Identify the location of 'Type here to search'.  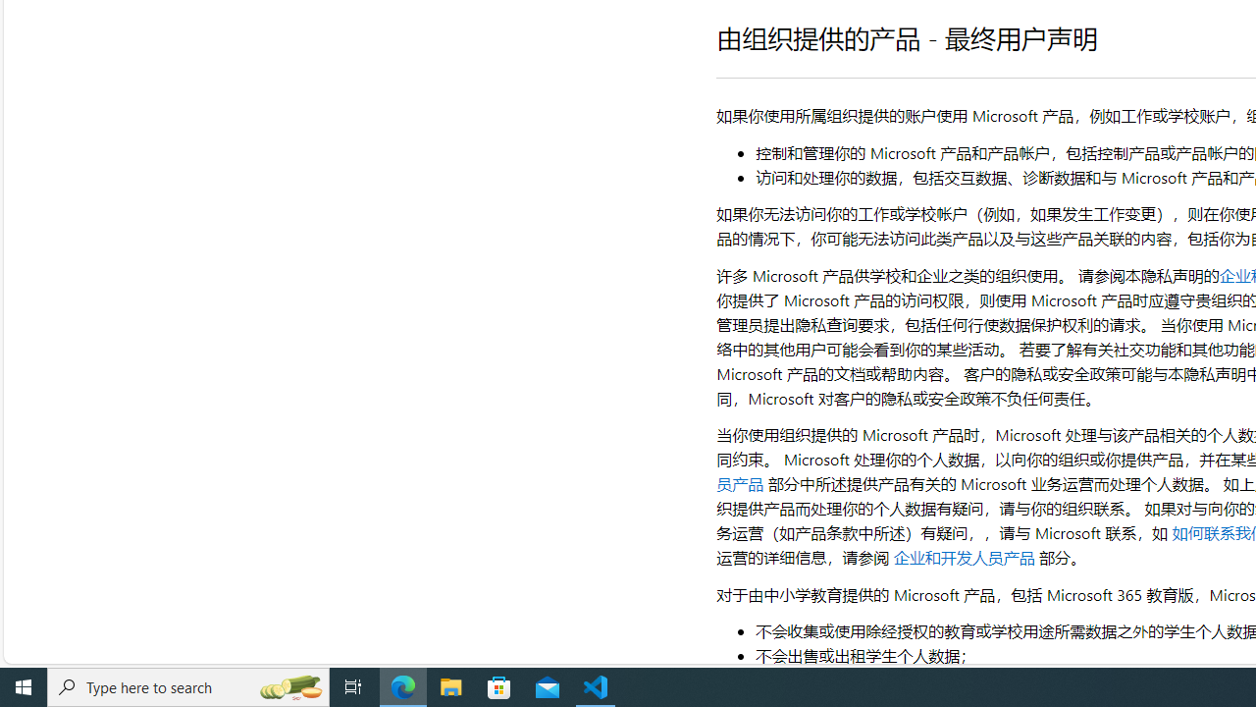
(188, 685).